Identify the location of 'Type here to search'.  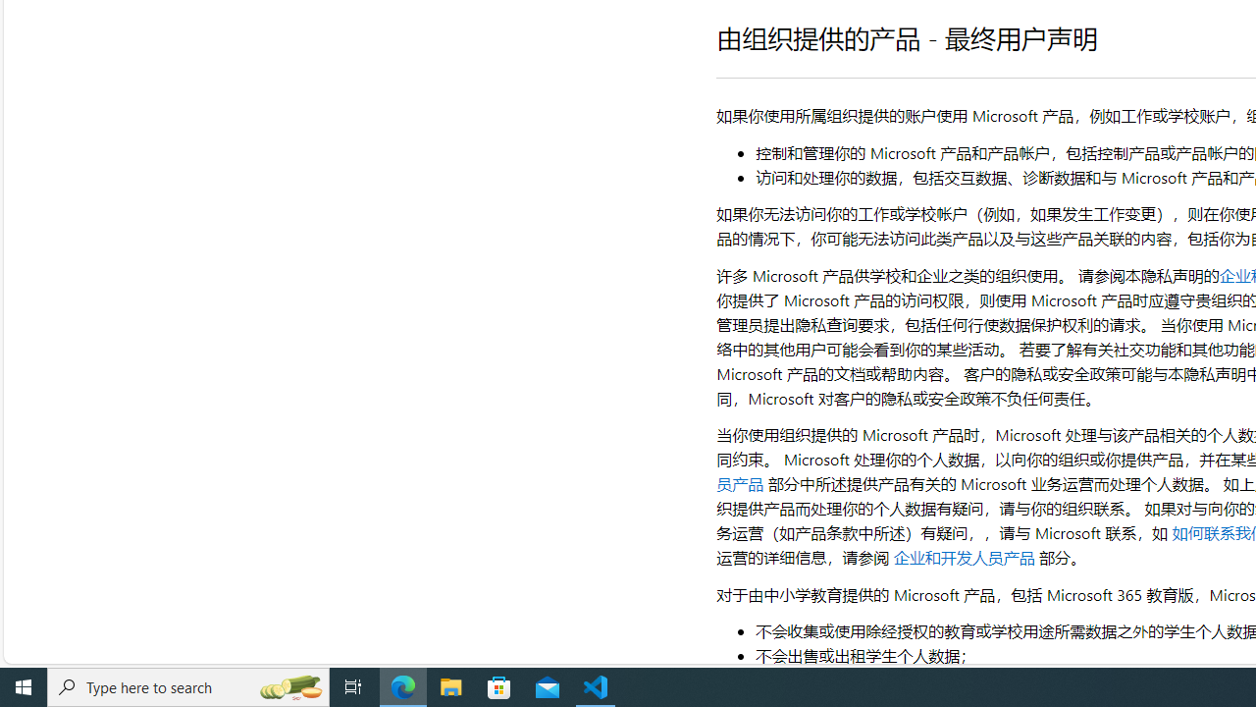
(188, 685).